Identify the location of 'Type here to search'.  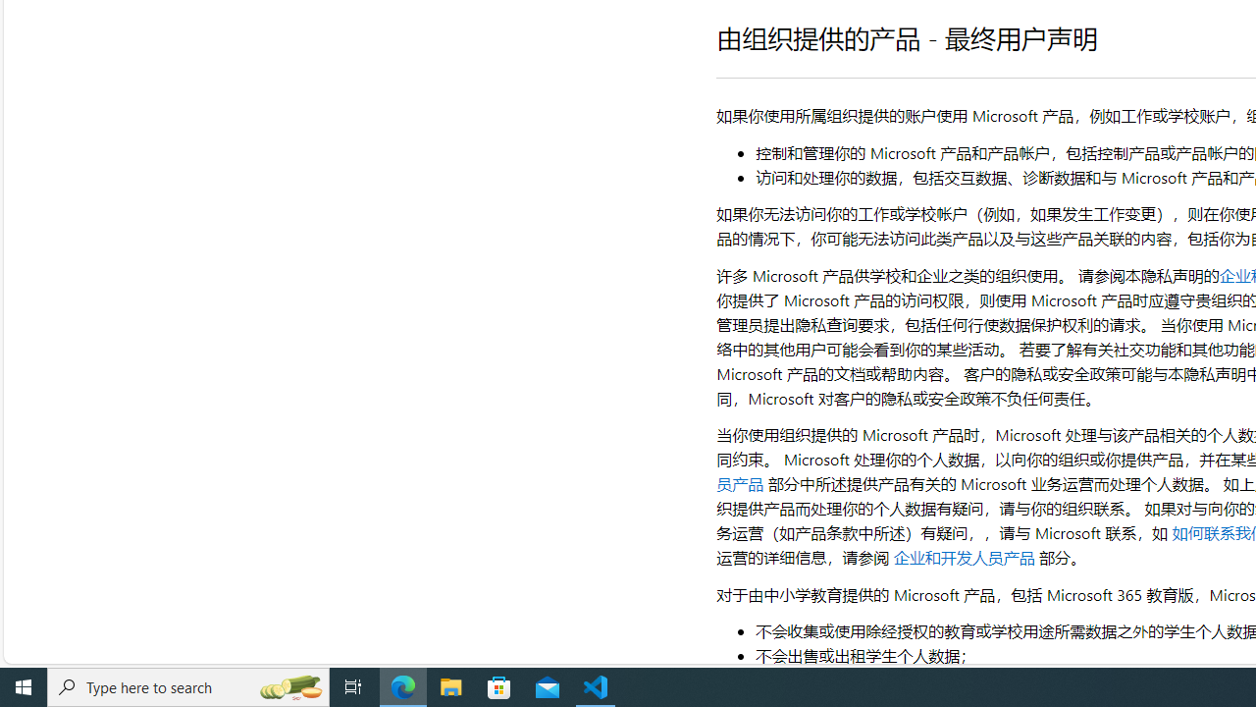
(188, 685).